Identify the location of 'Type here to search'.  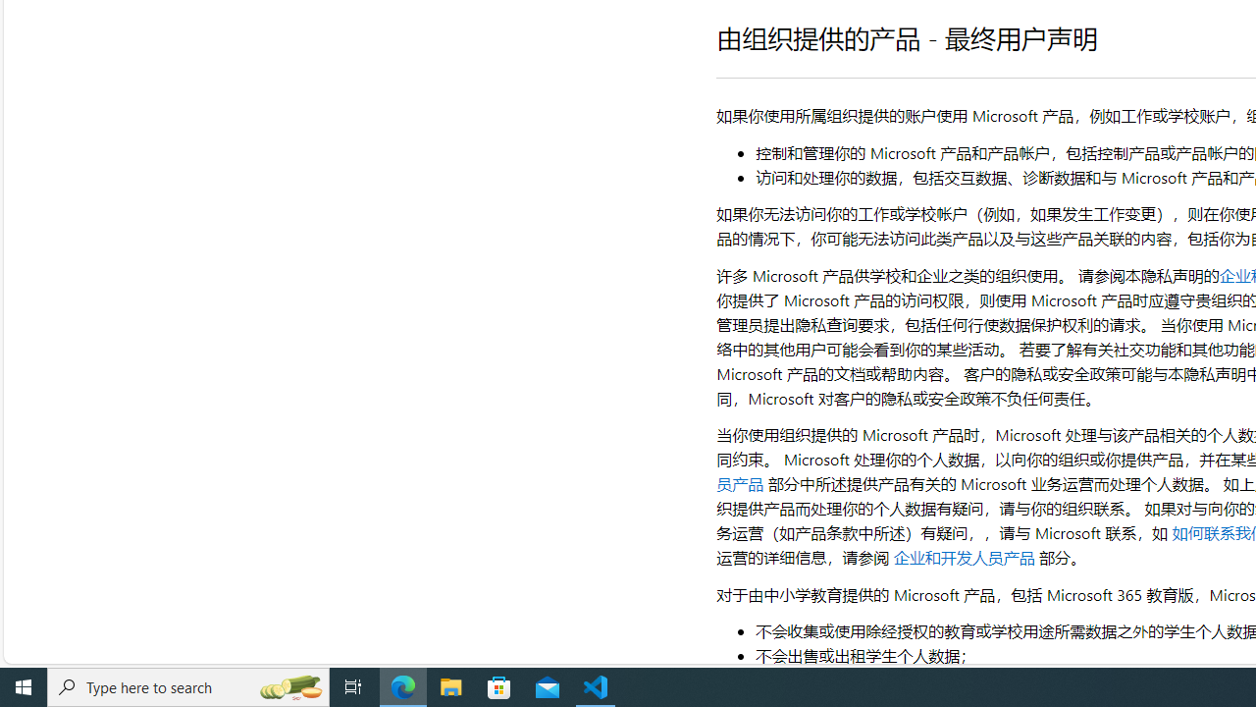
(188, 685).